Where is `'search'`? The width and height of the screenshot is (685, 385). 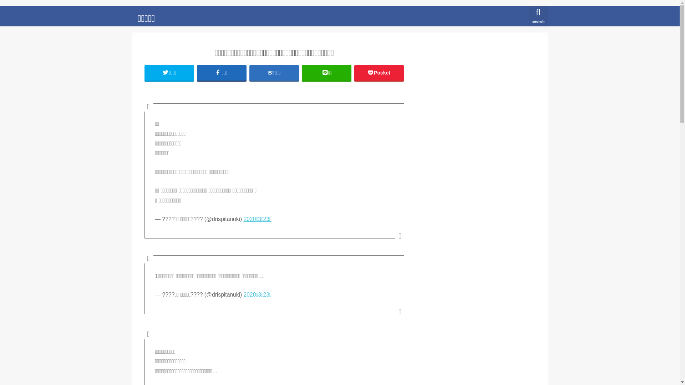
'search' is located at coordinates (538, 16).